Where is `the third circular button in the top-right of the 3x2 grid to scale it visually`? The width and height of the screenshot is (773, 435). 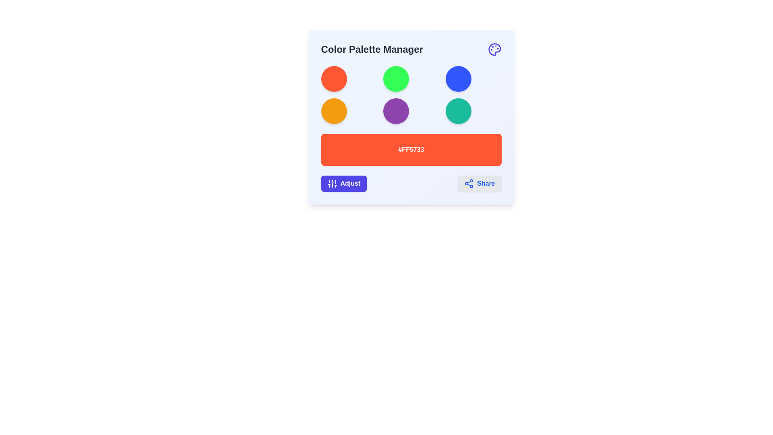
the third circular button in the top-right of the 3x2 grid to scale it visually is located at coordinates (458, 79).